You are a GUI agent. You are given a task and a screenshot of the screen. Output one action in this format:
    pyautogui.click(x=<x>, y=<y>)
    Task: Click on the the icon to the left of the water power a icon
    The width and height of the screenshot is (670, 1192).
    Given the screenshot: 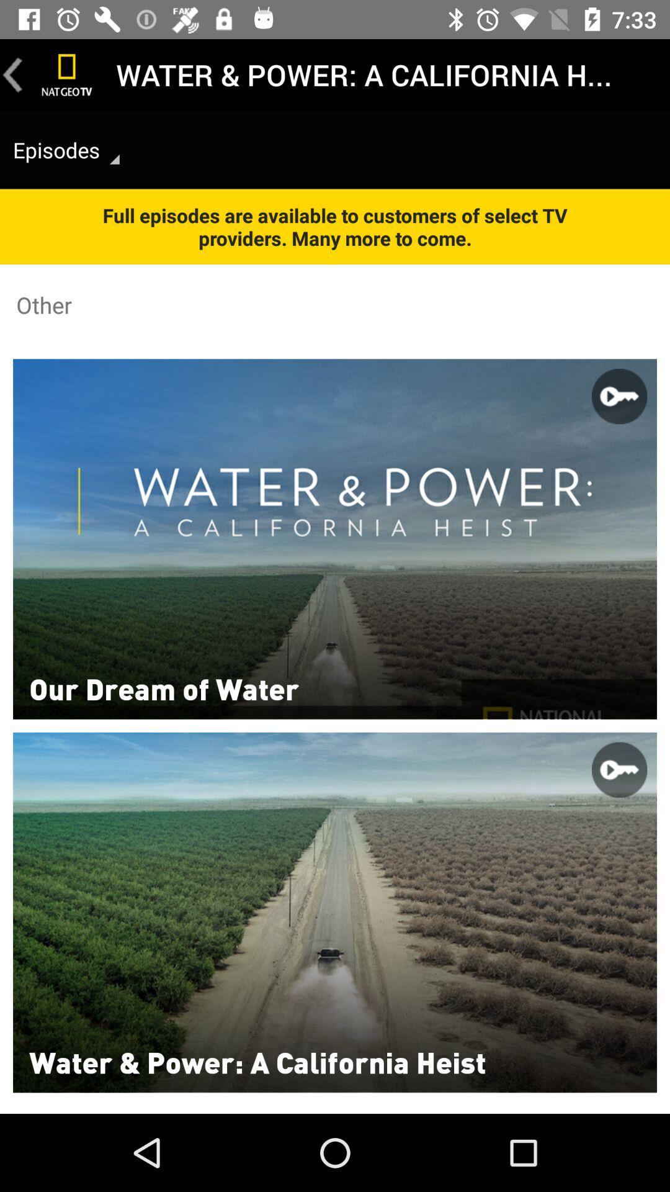 What is the action you would take?
    pyautogui.click(x=67, y=74)
    